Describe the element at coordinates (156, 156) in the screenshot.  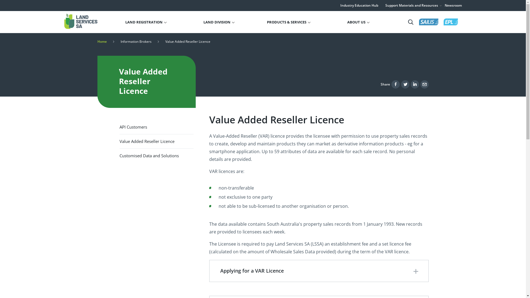
I see `'Customised Data and Solutions'` at that location.